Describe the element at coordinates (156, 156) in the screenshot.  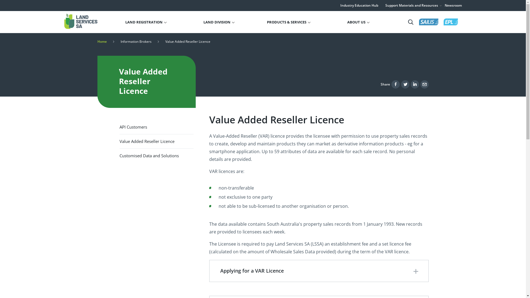
I see `'Customised Data and Solutions'` at that location.